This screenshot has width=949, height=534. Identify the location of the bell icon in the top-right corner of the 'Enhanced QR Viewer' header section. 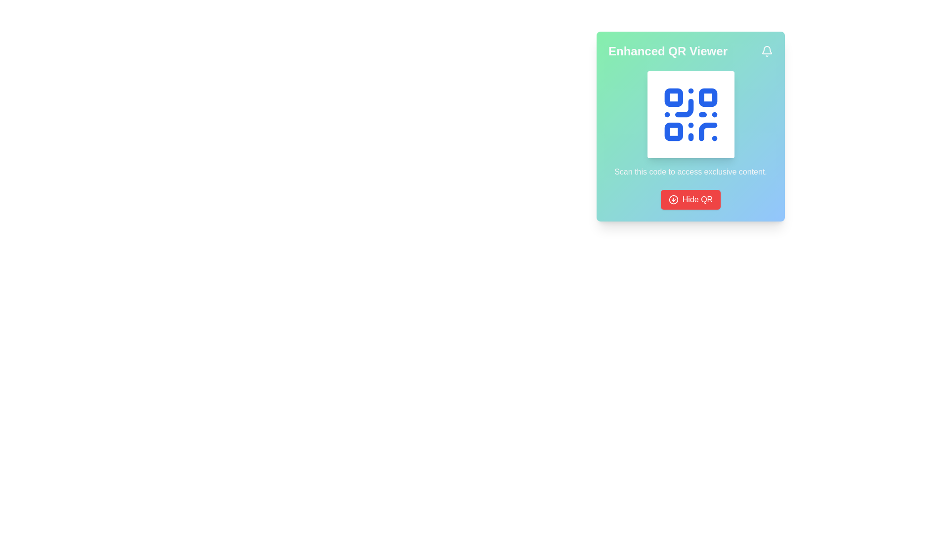
(766, 51).